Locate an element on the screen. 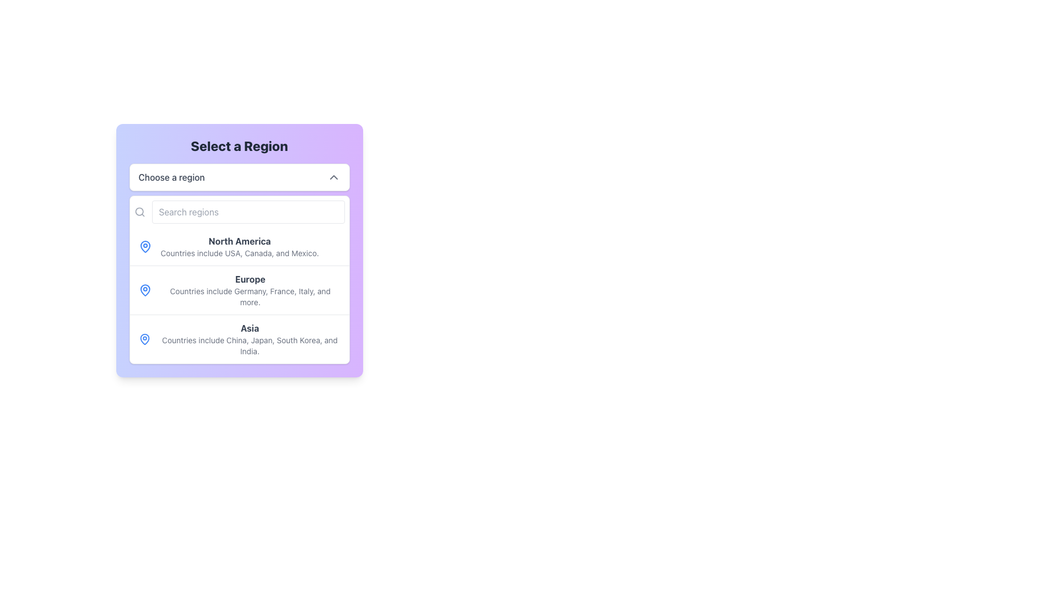 The width and height of the screenshot is (1058, 595). the third item in the dropdown menu labeled 'Asia' is located at coordinates (239, 339).